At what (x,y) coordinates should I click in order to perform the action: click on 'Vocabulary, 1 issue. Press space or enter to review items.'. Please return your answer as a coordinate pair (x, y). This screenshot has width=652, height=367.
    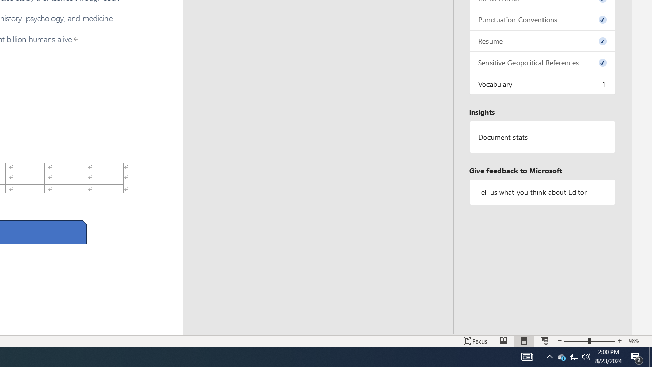
    Looking at the image, I should click on (541, 83).